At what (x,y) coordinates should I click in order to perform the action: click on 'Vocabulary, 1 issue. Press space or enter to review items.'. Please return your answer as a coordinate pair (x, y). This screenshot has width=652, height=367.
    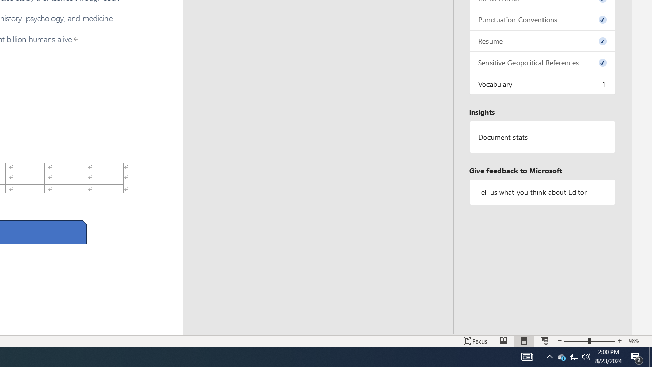
    Looking at the image, I should click on (541, 83).